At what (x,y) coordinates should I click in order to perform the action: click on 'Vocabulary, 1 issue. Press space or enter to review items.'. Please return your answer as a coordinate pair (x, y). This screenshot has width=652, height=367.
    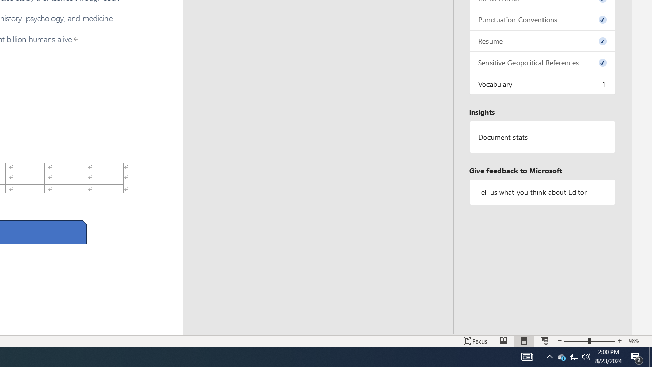
    Looking at the image, I should click on (541, 83).